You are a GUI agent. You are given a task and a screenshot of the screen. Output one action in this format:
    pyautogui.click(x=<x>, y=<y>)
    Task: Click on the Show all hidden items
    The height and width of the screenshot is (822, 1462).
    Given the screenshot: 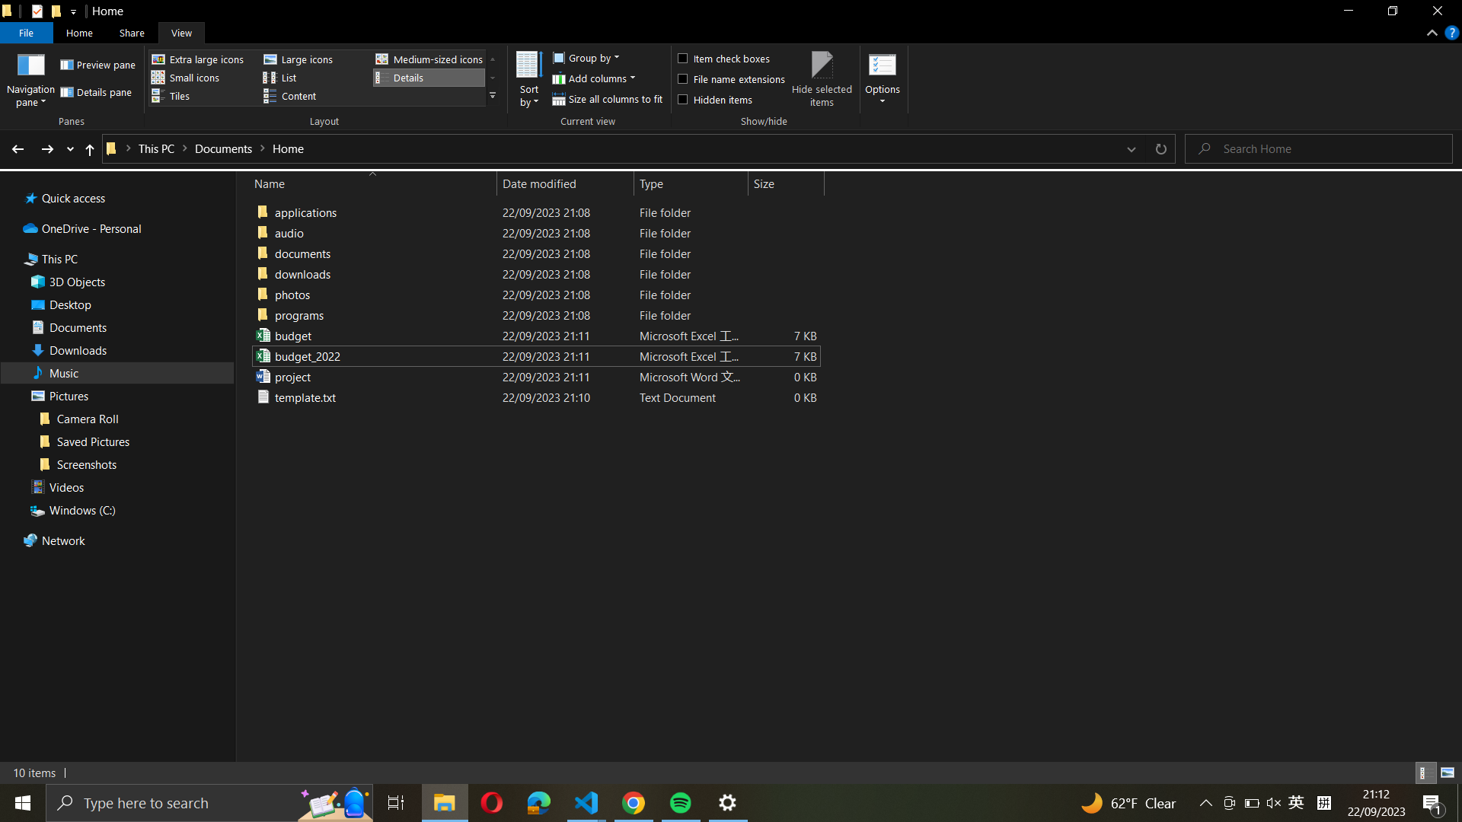 What is the action you would take?
    pyautogui.click(x=729, y=97)
    